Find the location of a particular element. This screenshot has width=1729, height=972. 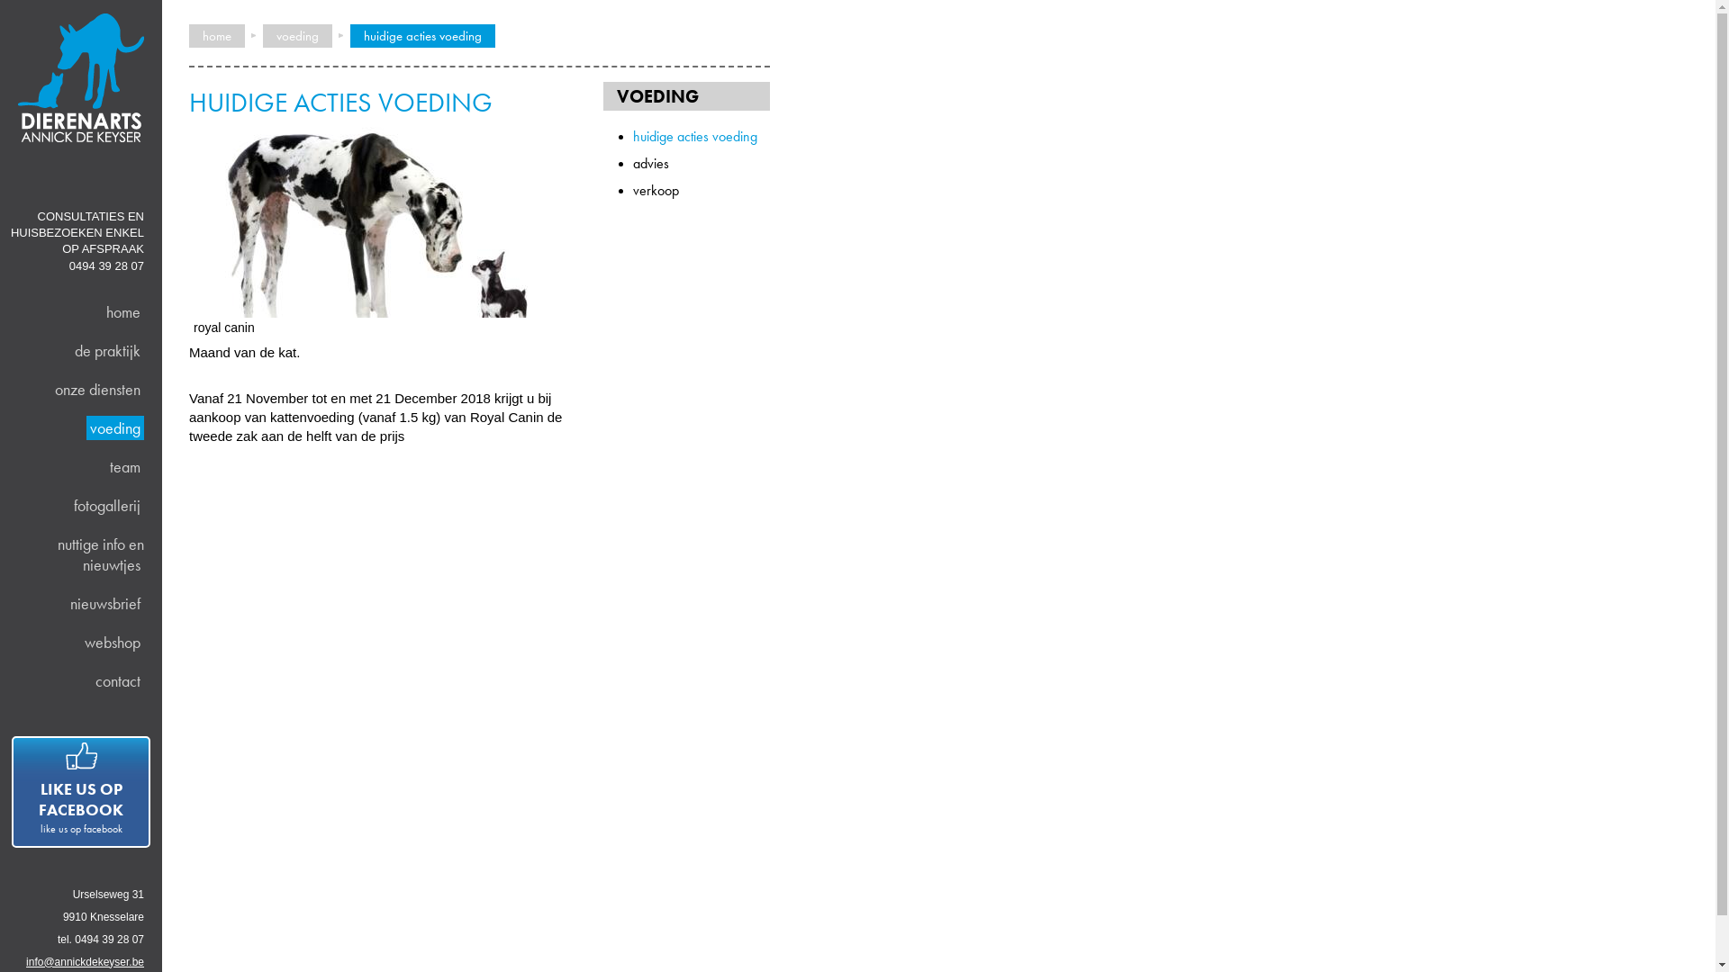

'onze diensten' is located at coordinates (96, 388).